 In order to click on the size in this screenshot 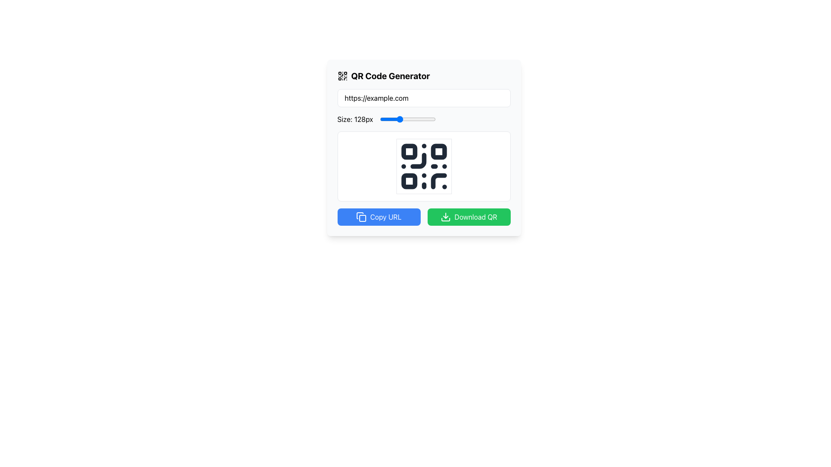, I will do `click(427, 119)`.